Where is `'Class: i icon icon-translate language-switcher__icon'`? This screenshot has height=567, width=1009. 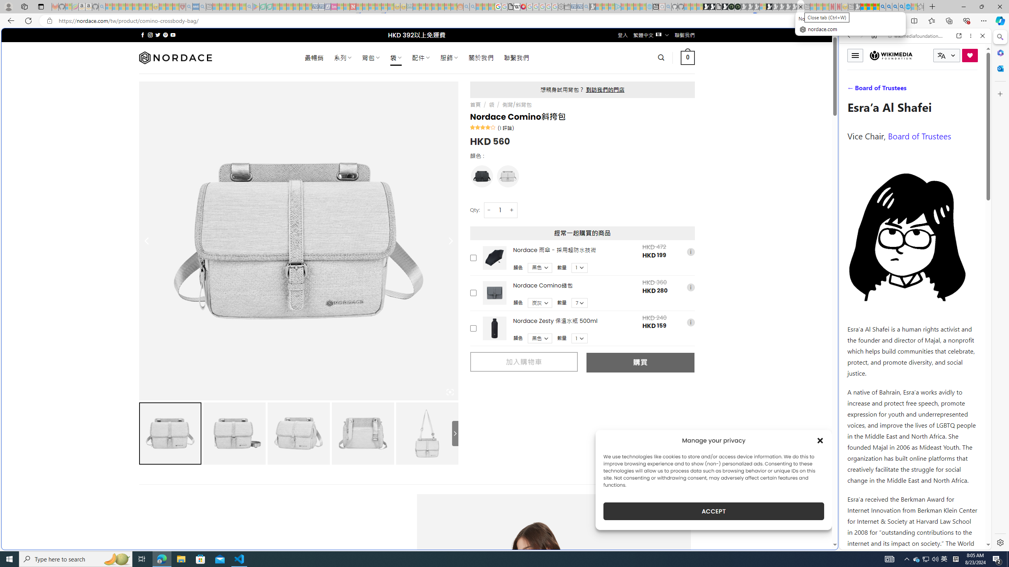
'Class: i icon icon-translate language-switcher__icon' is located at coordinates (941, 56).